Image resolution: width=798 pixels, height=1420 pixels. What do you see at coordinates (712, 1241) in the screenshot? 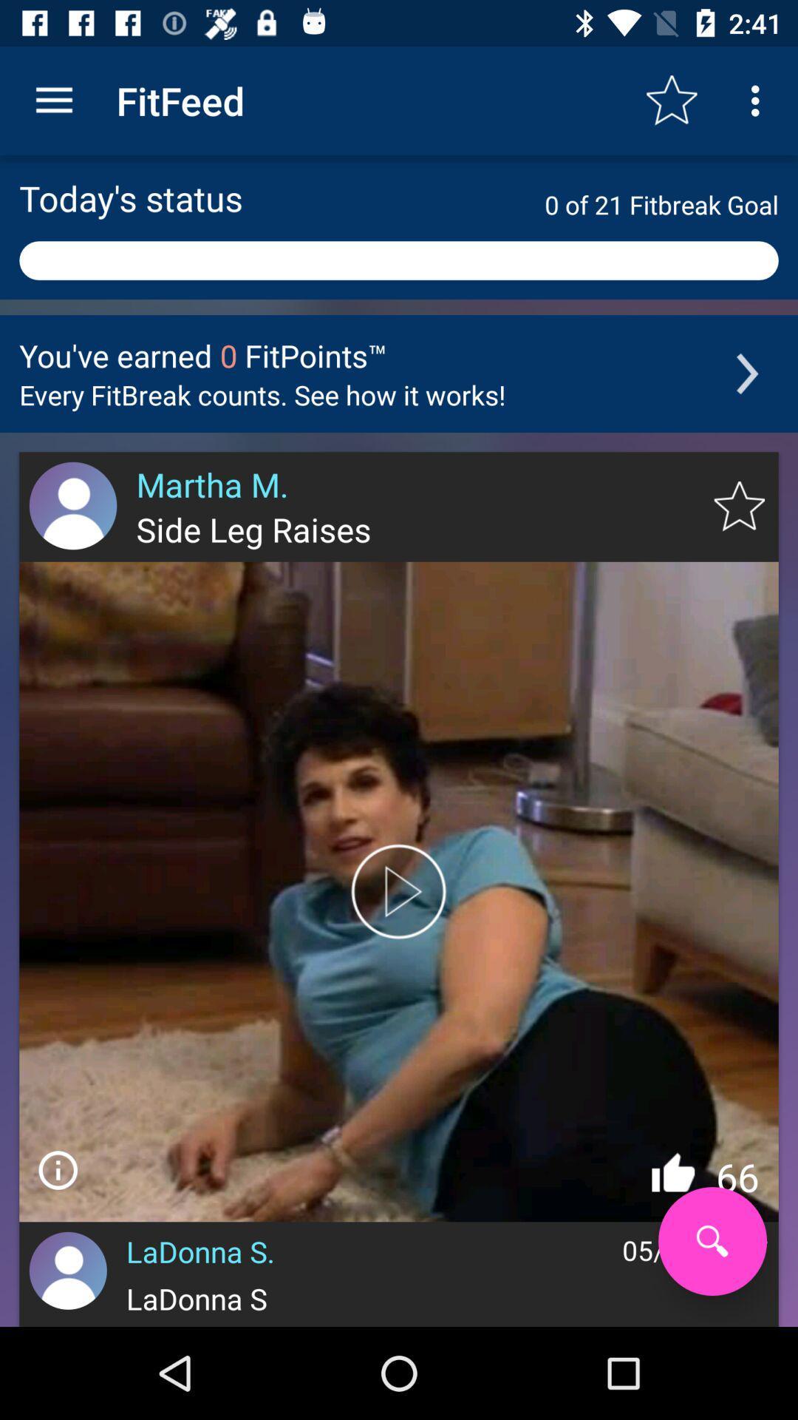
I see `the search icon` at bounding box center [712, 1241].